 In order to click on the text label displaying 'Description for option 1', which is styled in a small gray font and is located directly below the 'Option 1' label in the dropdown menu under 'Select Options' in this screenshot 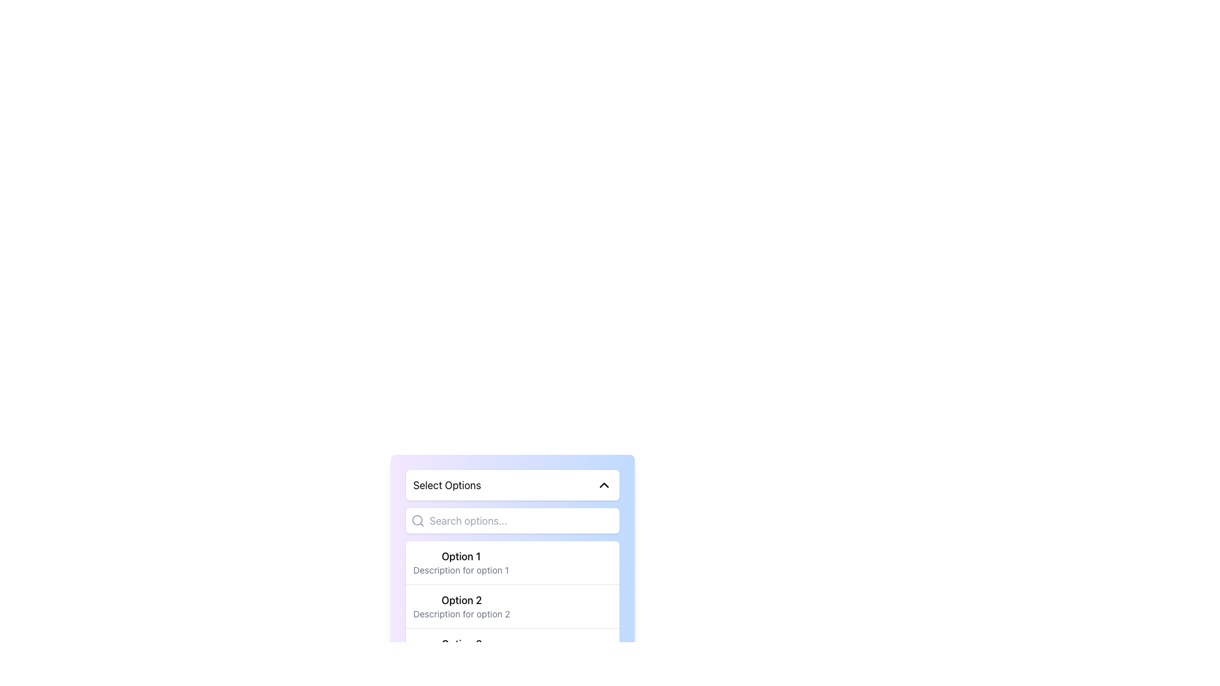, I will do `click(460, 570)`.